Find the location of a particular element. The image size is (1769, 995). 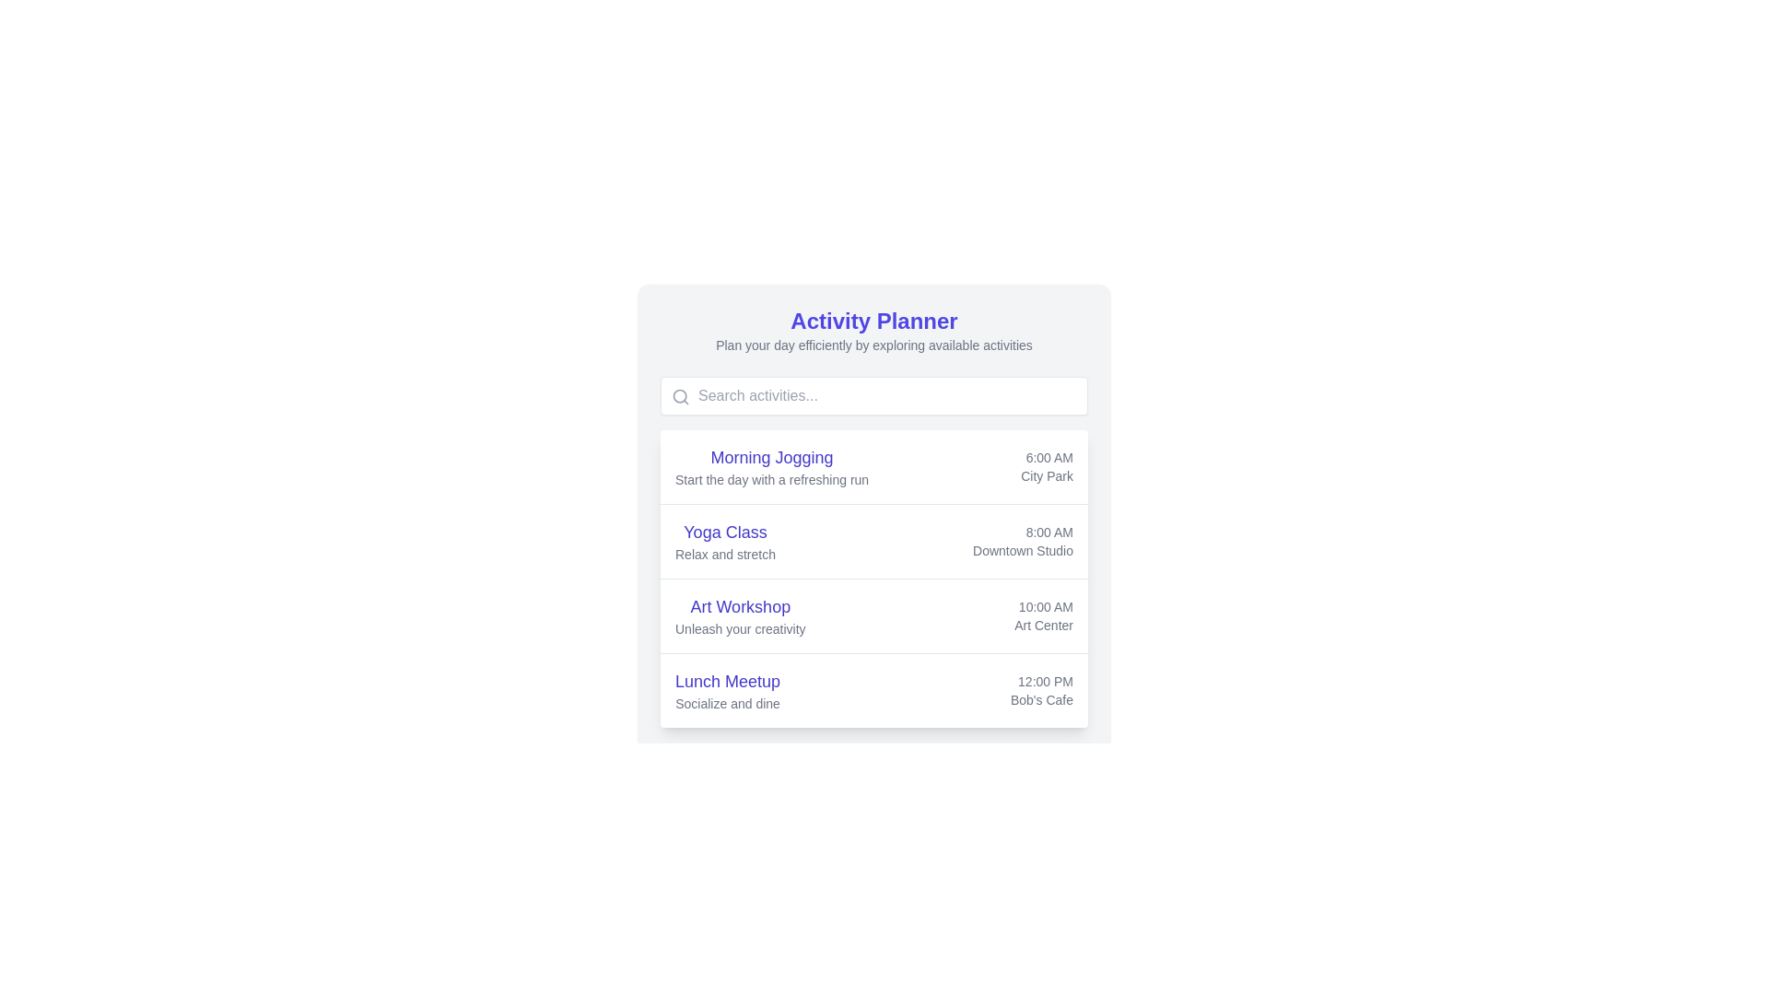

the Event information card located at the bottom of the event list, specifically the fourth item beneath the 'Art Workshop' is located at coordinates (873, 690).